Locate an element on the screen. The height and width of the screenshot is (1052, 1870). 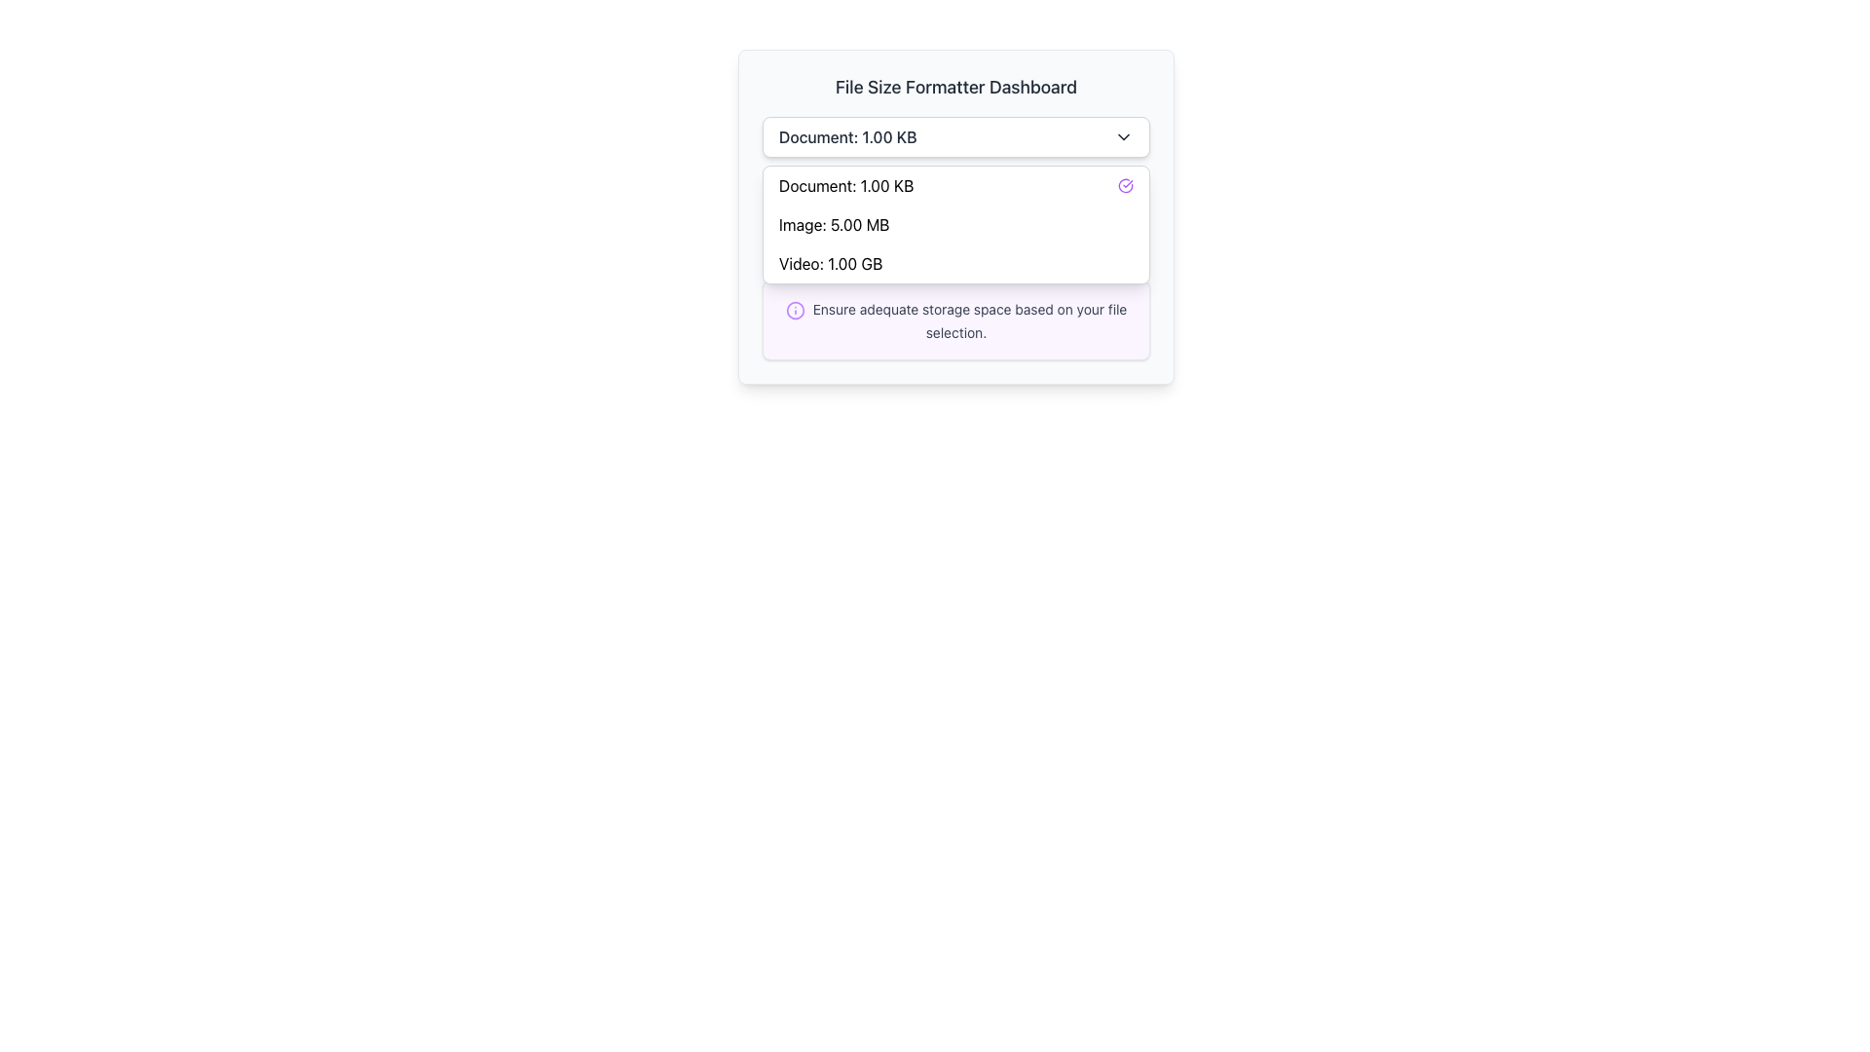
the text label displaying the file size in the dropdown menu under the 'File Size Formatter Dashboard' heading, located between 'Document: 1.00 KB' and 'Video: 1.00 GB' is located at coordinates (834, 224).